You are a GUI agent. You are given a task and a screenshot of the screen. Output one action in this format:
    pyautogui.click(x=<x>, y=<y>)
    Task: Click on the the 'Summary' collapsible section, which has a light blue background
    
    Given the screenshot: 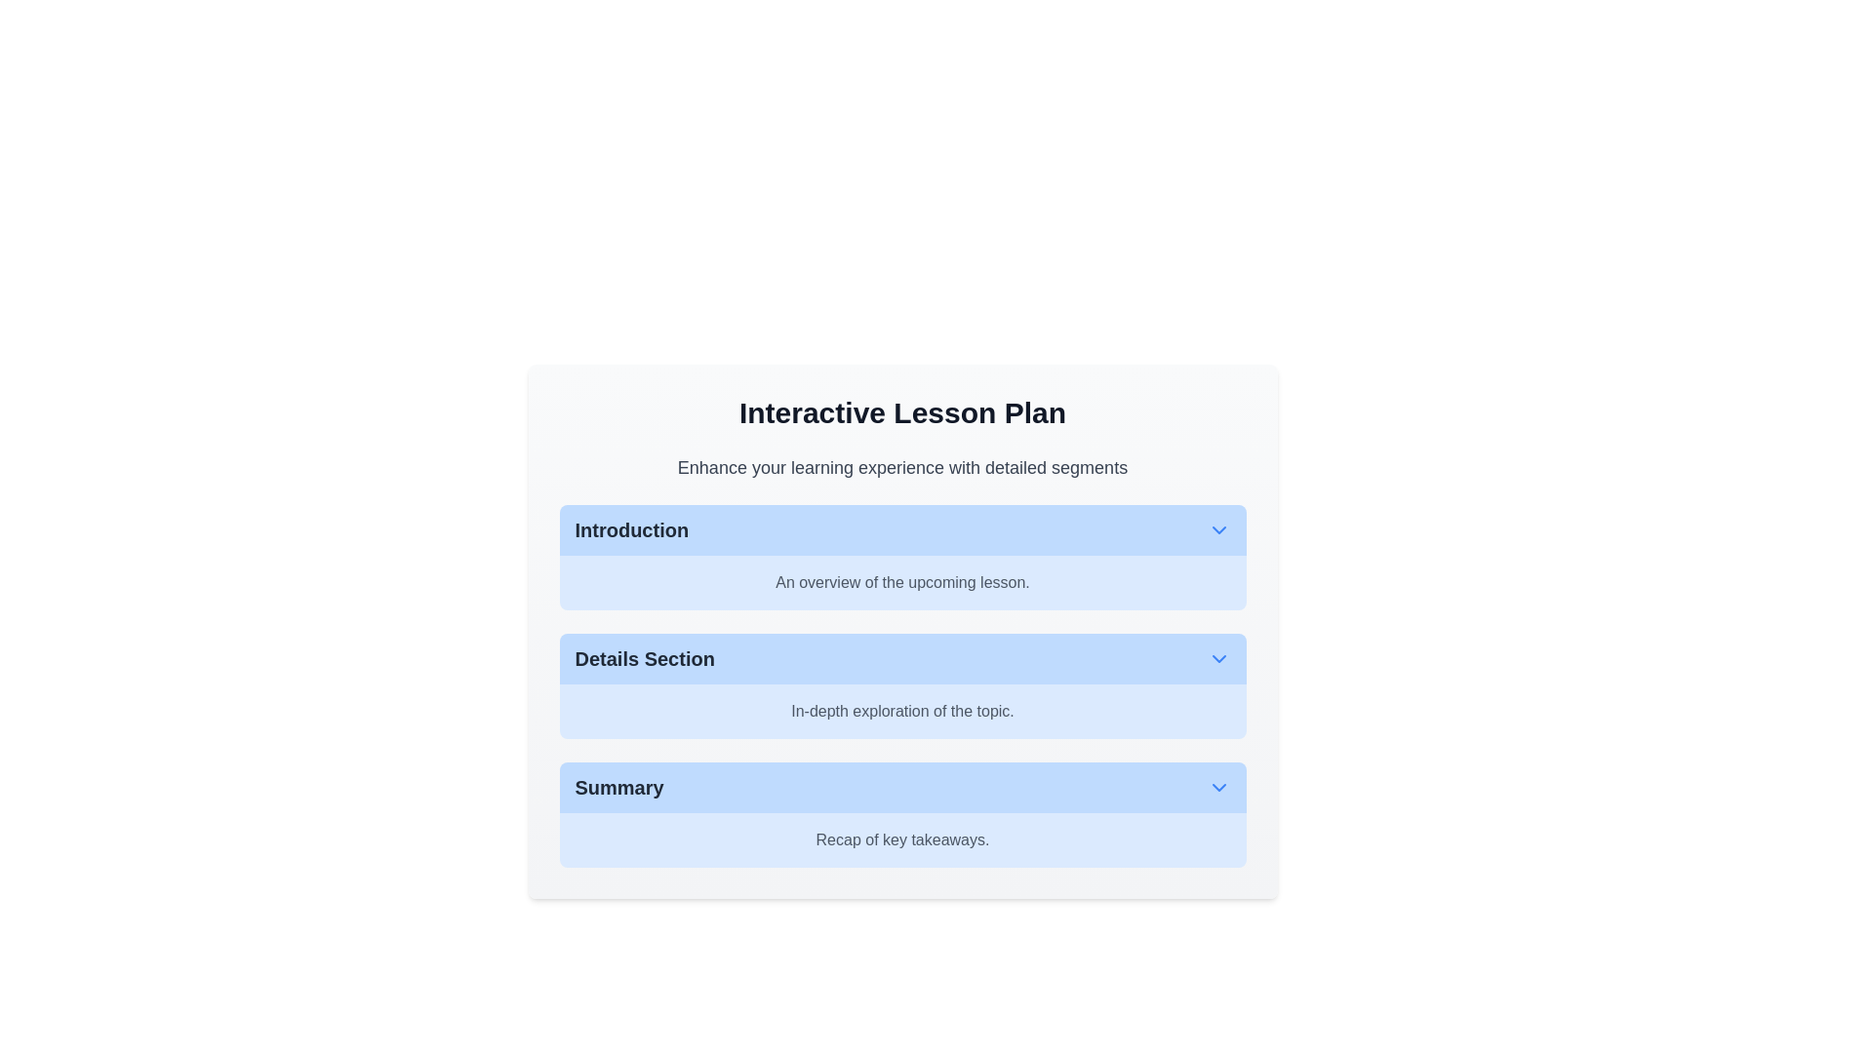 What is the action you would take?
    pyautogui.click(x=901, y=815)
    